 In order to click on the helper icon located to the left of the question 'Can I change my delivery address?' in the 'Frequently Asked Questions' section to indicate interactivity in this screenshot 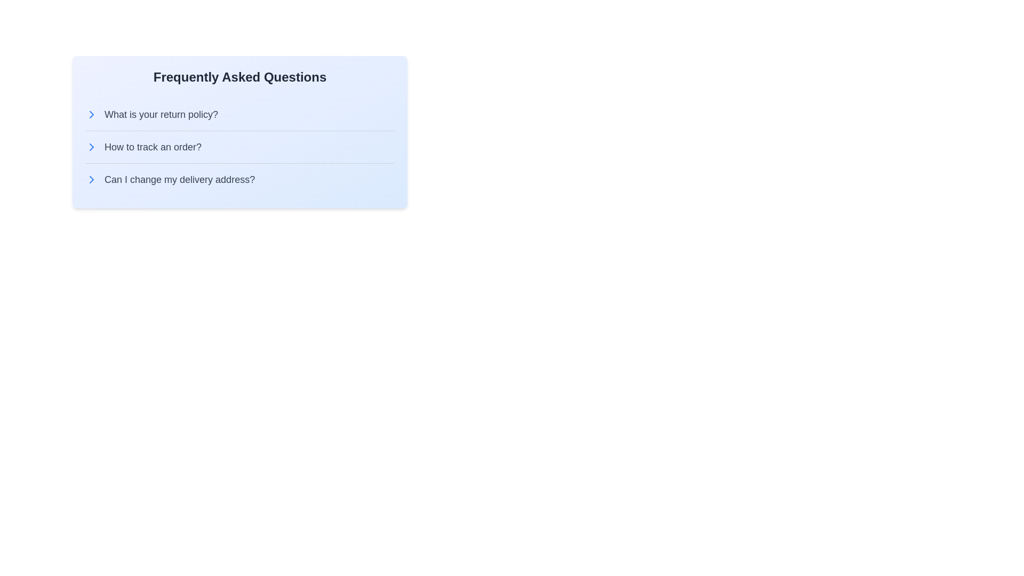, I will do `click(92, 179)`.